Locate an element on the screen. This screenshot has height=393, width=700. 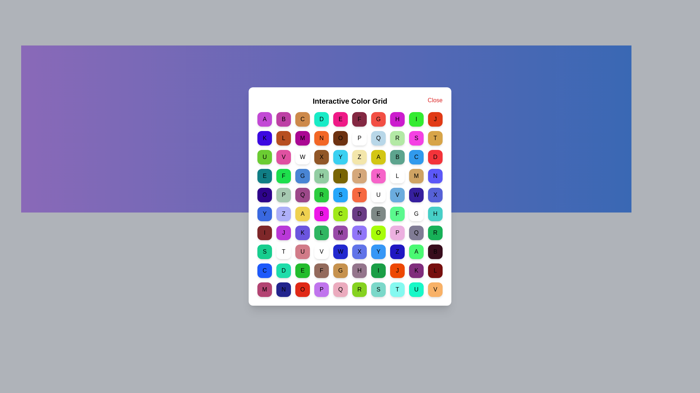
the grid cell labeled P to view its color message is located at coordinates (359, 138).